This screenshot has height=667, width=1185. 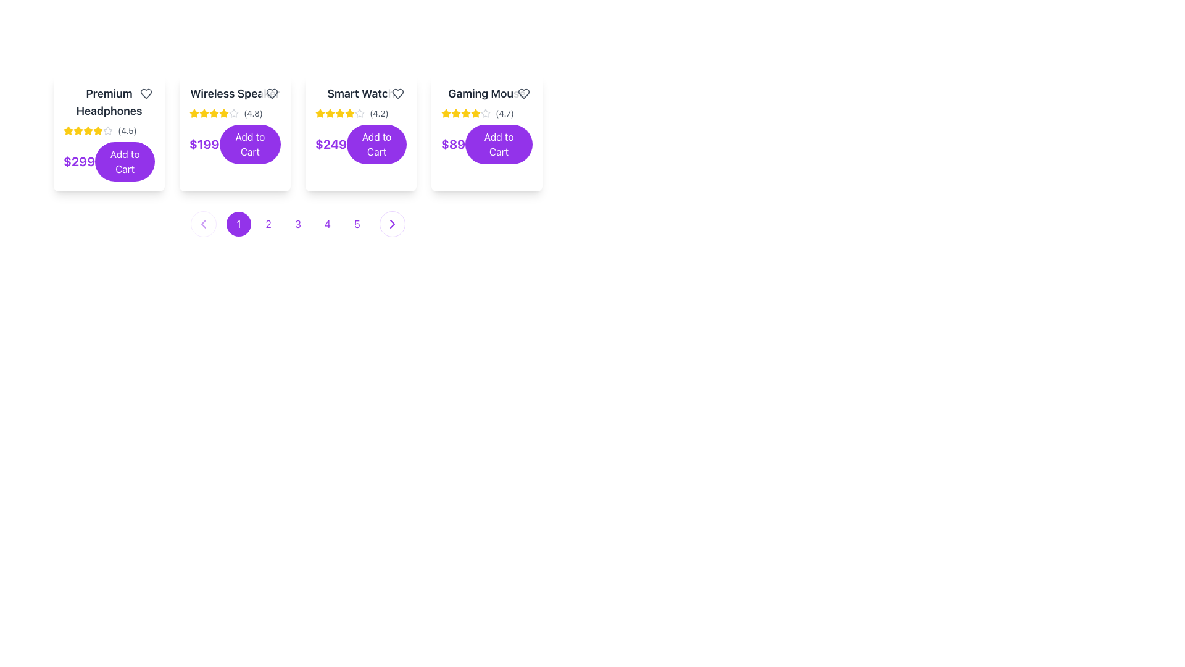 I want to click on the third yellow star icon in the rating row of the 'Smart Watch' product card, which indicates active engagement with a rating system, so click(x=349, y=113).